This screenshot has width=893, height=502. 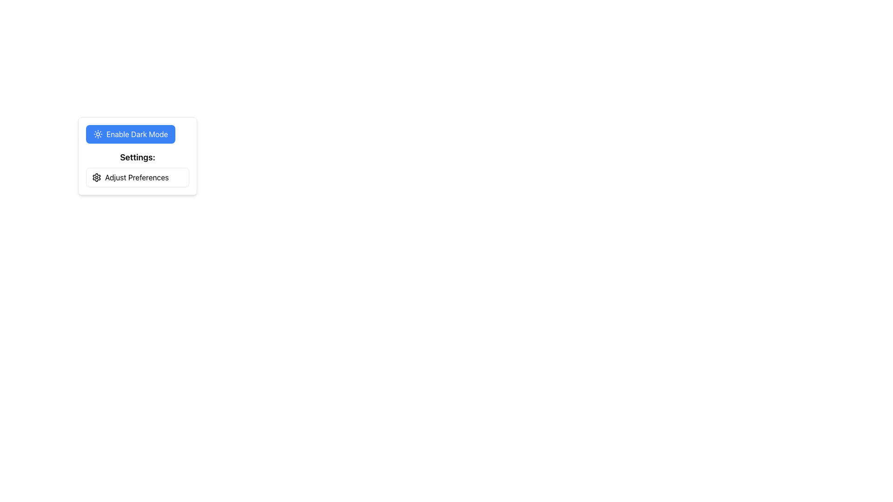 I want to click on the complex gear-like icon located in the settings interface below the 'Settings:' heading, so click(x=96, y=177).